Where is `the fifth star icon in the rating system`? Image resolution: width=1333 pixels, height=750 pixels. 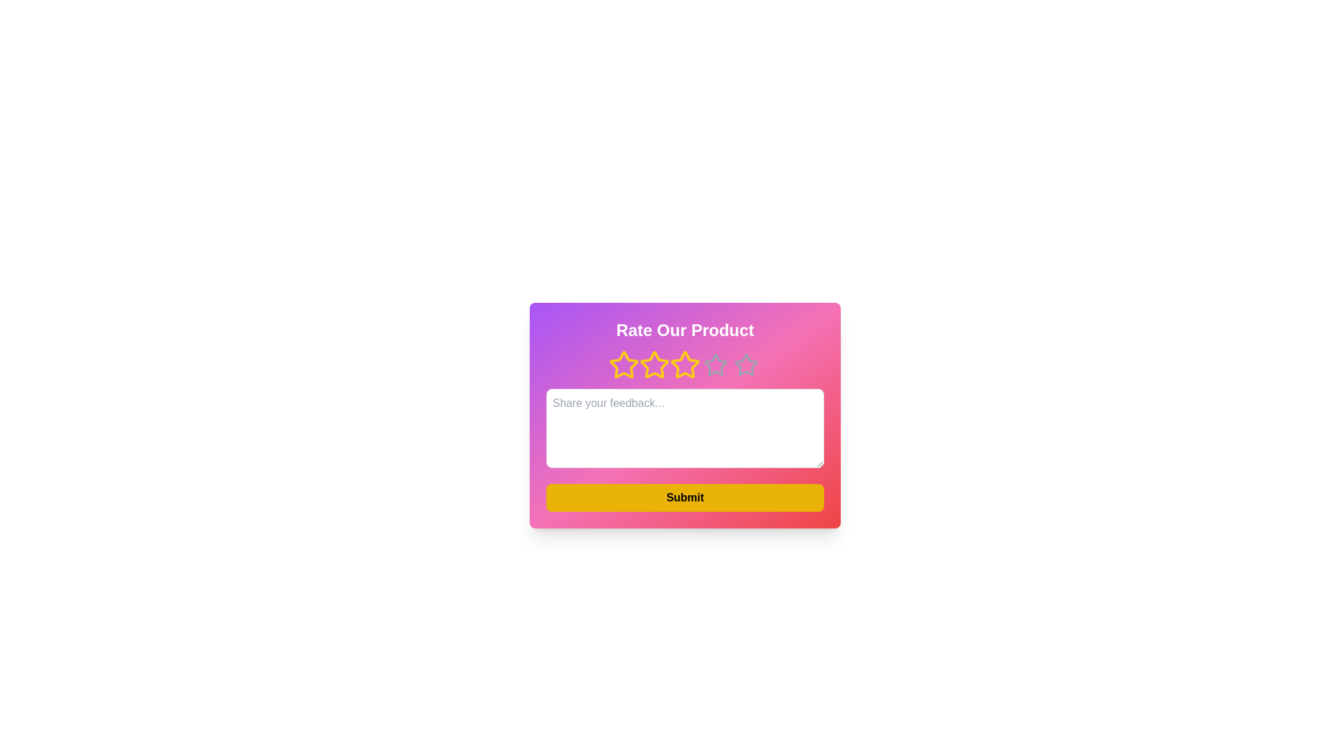
the fifth star icon in the rating system is located at coordinates (746, 364).